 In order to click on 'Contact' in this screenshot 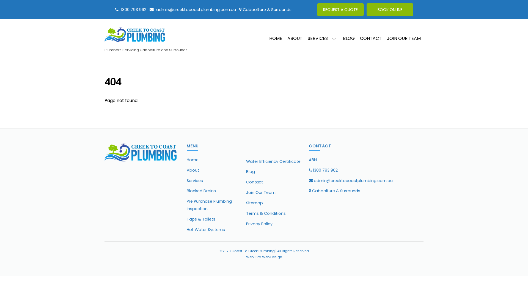, I will do `click(254, 182)`.